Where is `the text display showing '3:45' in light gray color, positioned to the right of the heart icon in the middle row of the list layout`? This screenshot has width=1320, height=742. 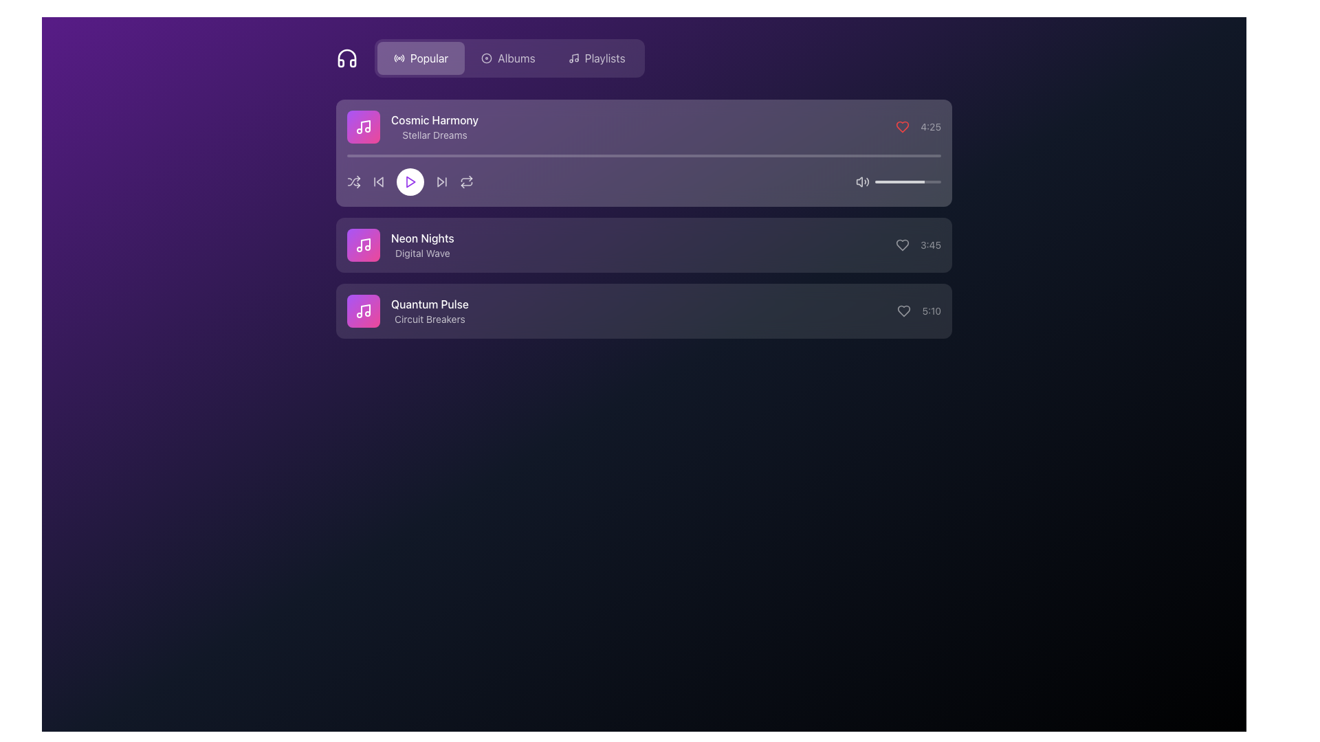
the text display showing '3:45' in light gray color, positioned to the right of the heart icon in the middle row of the list layout is located at coordinates (930, 245).